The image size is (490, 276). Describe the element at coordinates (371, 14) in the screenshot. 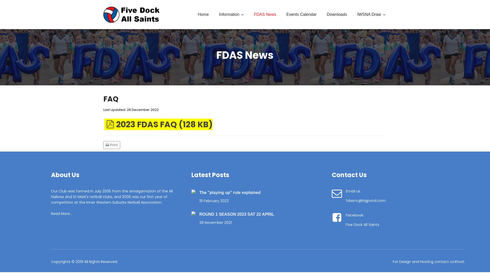

I see `'IWSNA Draw'` at that location.